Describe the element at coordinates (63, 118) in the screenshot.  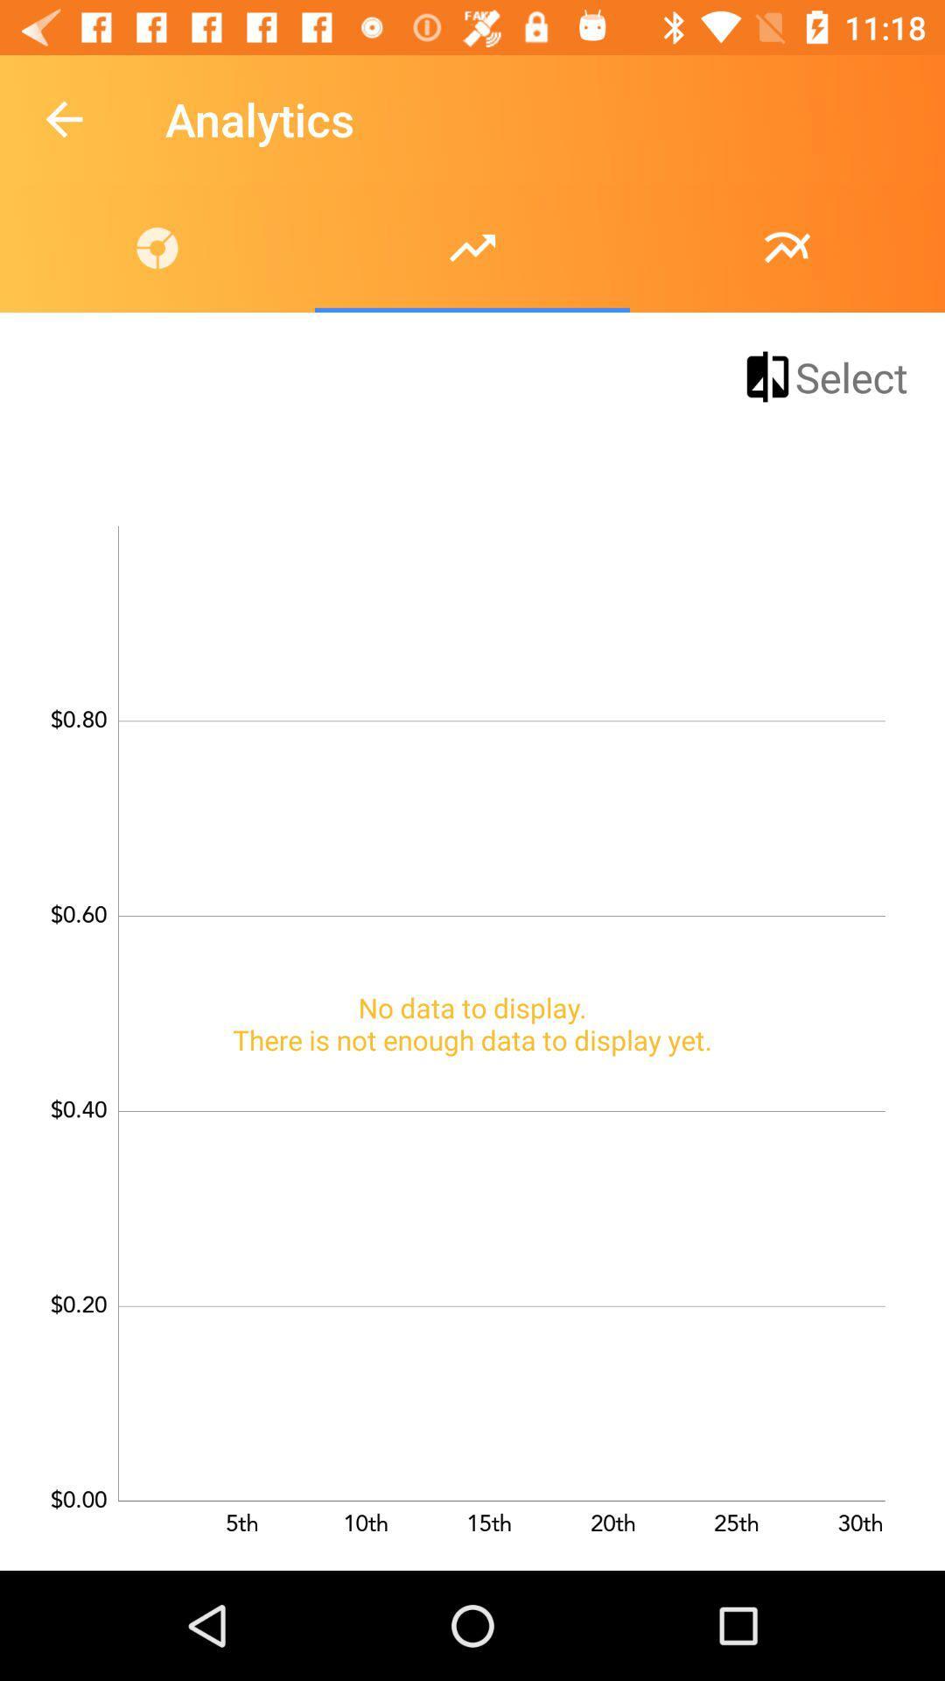
I see `the item to the left of the analytics item` at that location.